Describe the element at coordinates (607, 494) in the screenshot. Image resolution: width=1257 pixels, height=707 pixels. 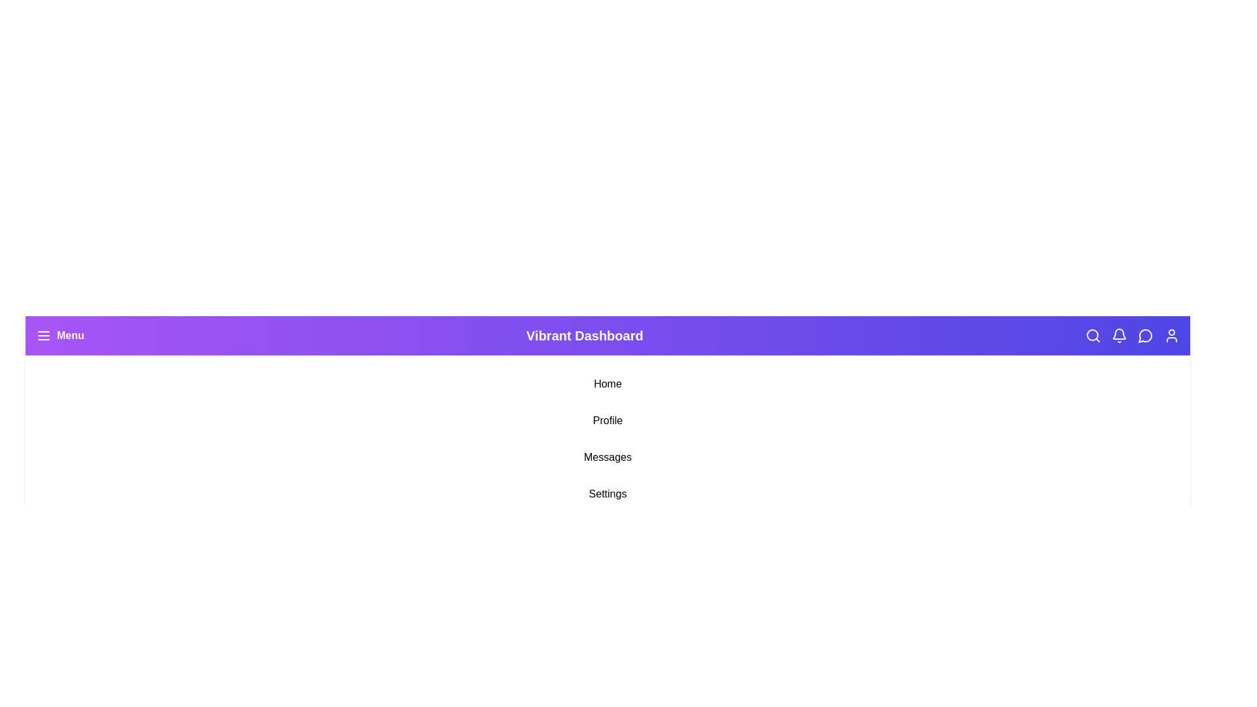
I see `the menu option Settings to navigate to the respective page` at that location.